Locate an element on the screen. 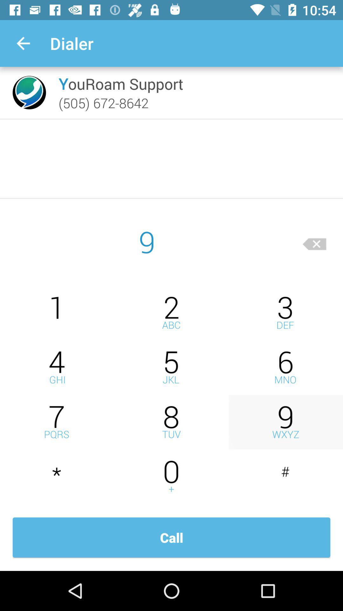  press five is located at coordinates (171, 367).